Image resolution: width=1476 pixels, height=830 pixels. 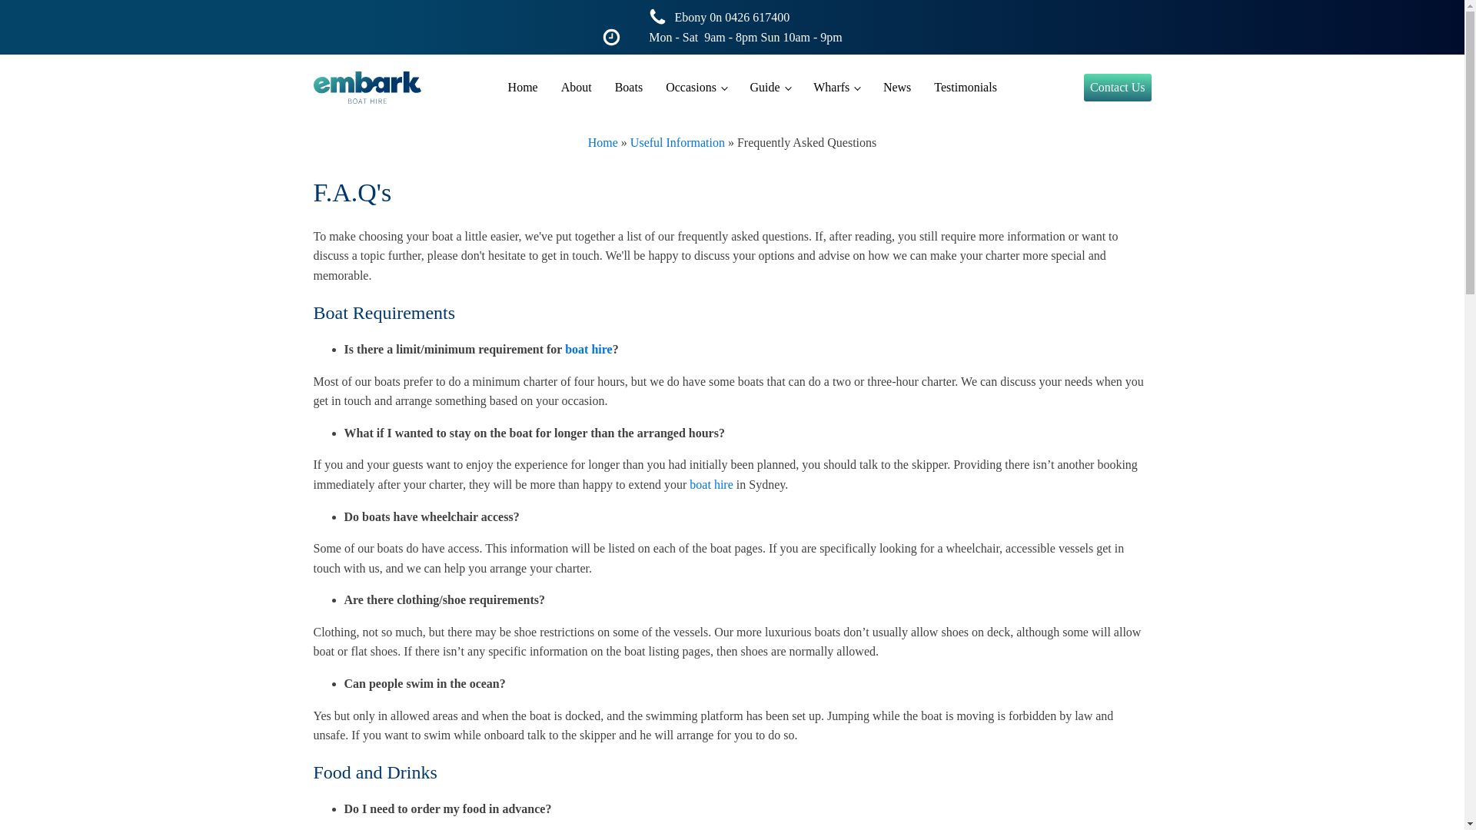 What do you see at coordinates (523, 88) in the screenshot?
I see `'Home'` at bounding box center [523, 88].